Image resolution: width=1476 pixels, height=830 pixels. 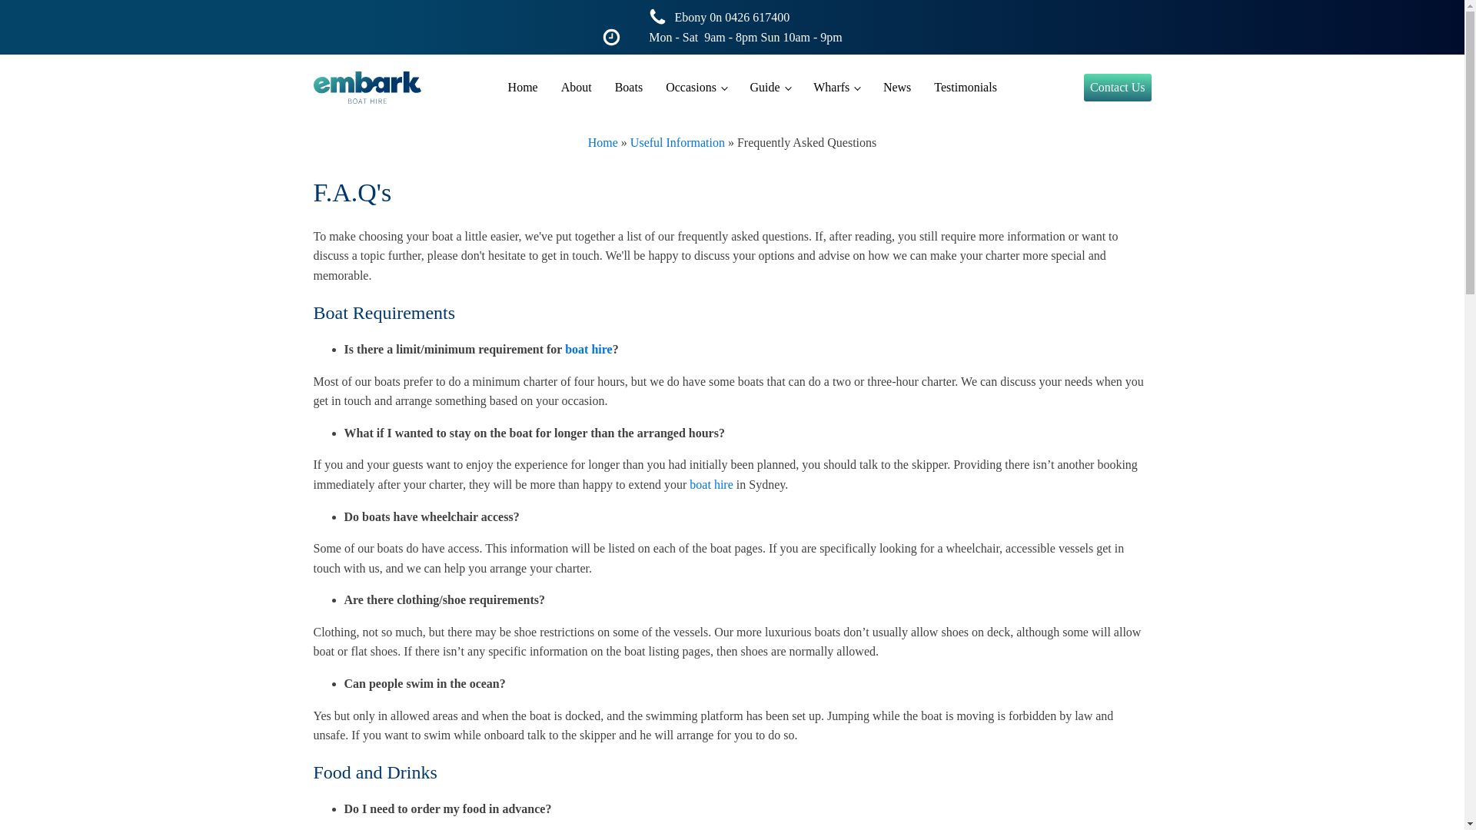 What do you see at coordinates (523, 88) in the screenshot?
I see `'Home'` at bounding box center [523, 88].